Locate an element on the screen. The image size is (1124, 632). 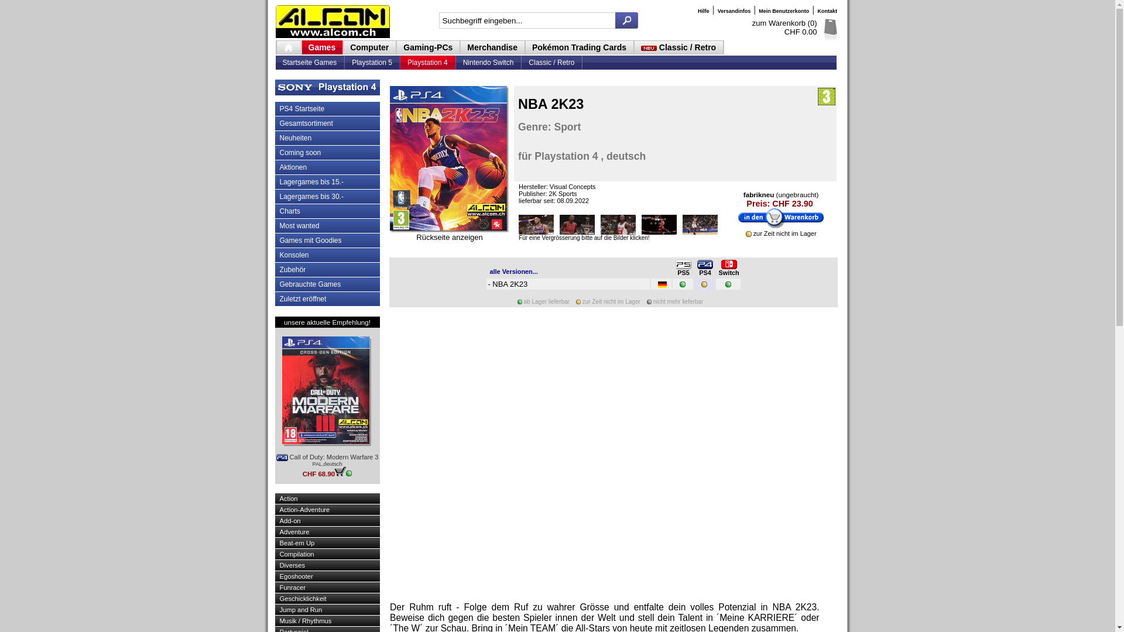
'Compilation' is located at coordinates (275, 554).